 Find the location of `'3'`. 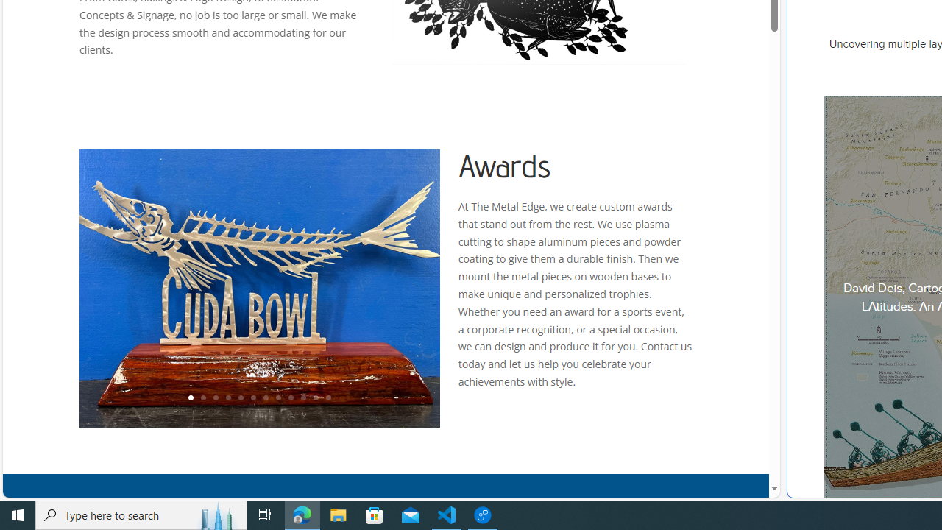

'3' is located at coordinates (215, 398).